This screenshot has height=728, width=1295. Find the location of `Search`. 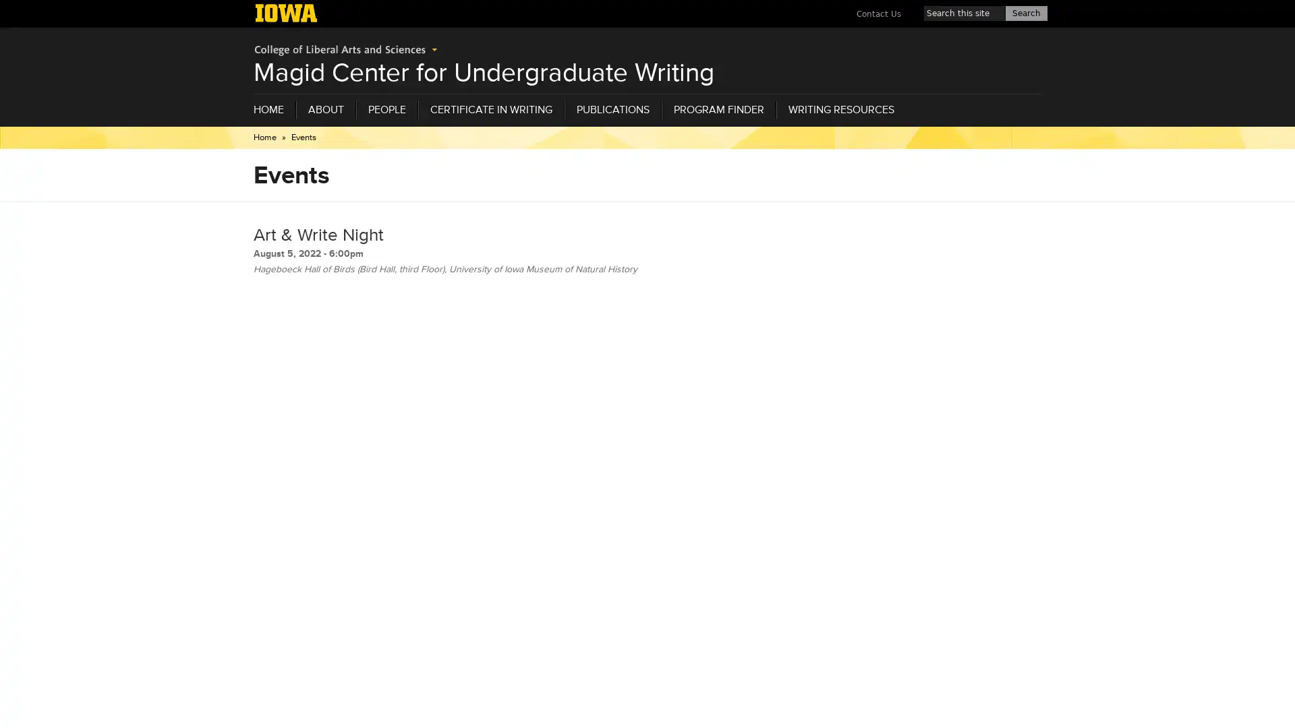

Search is located at coordinates (1025, 13).